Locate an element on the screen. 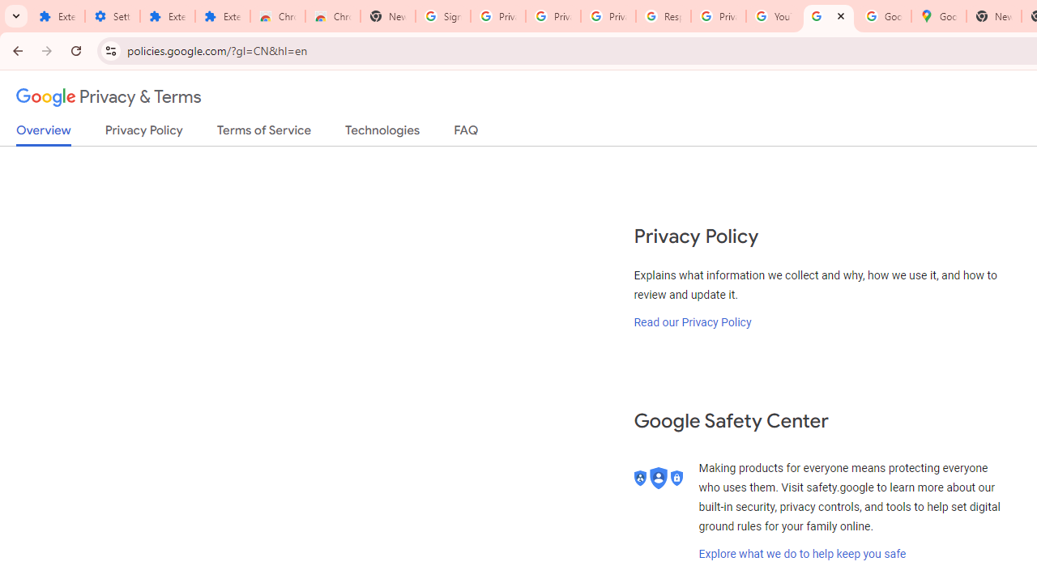 This screenshot has width=1037, height=583. 'Extensions' is located at coordinates (167, 16).